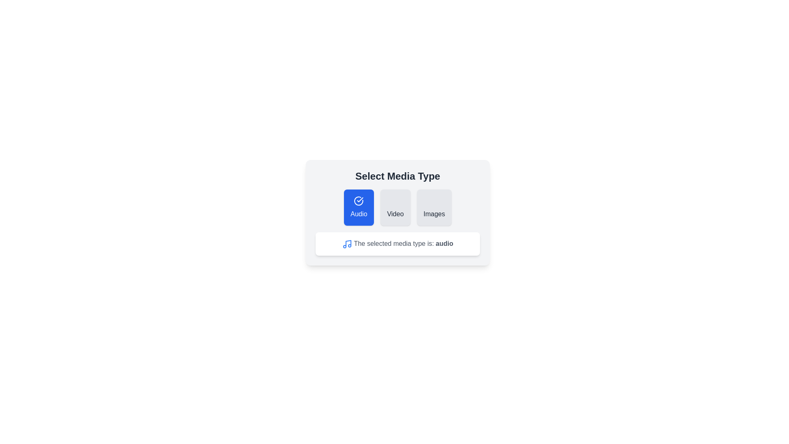 This screenshot has width=789, height=444. I want to click on the blue-colored musical note icon located to the left of the text 'The selected media type is: audio', so click(347, 243).